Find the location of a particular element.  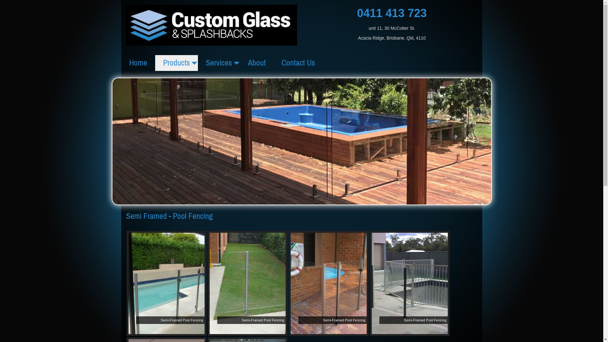

'Home' is located at coordinates (121, 63).